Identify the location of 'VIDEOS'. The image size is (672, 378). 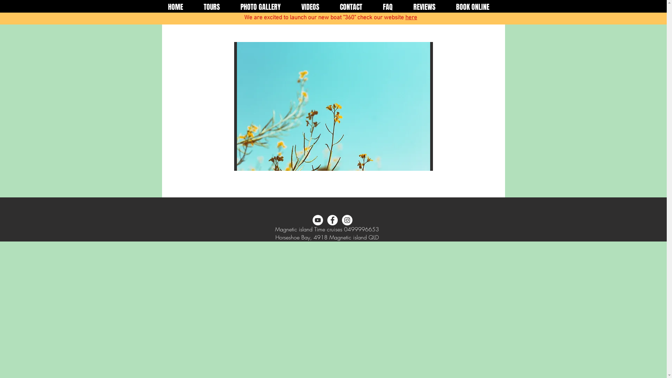
(291, 7).